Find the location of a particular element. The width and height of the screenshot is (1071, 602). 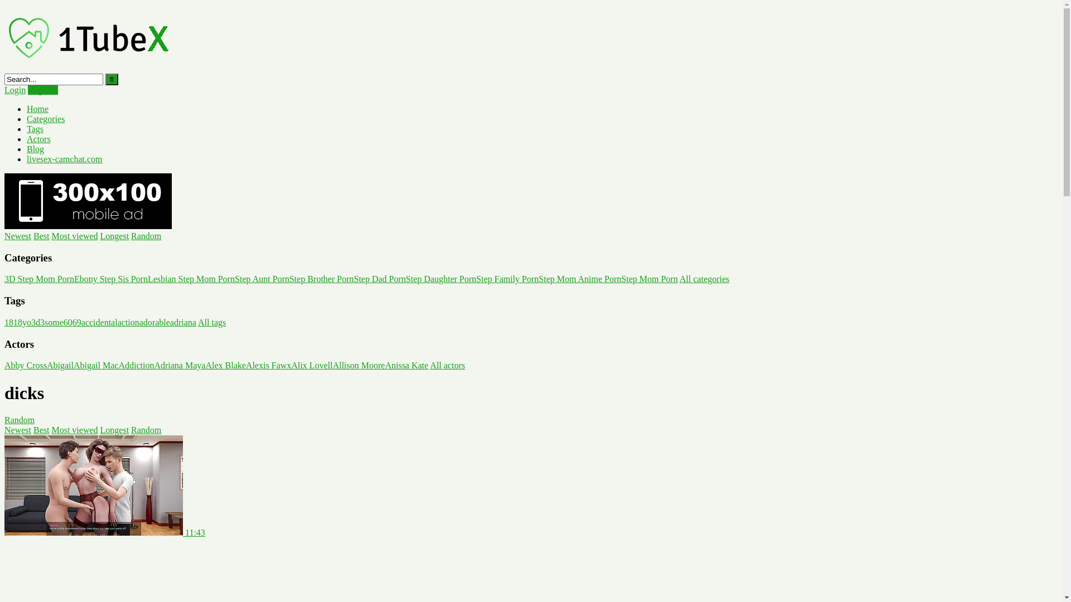

'Addiction' is located at coordinates (136, 365).